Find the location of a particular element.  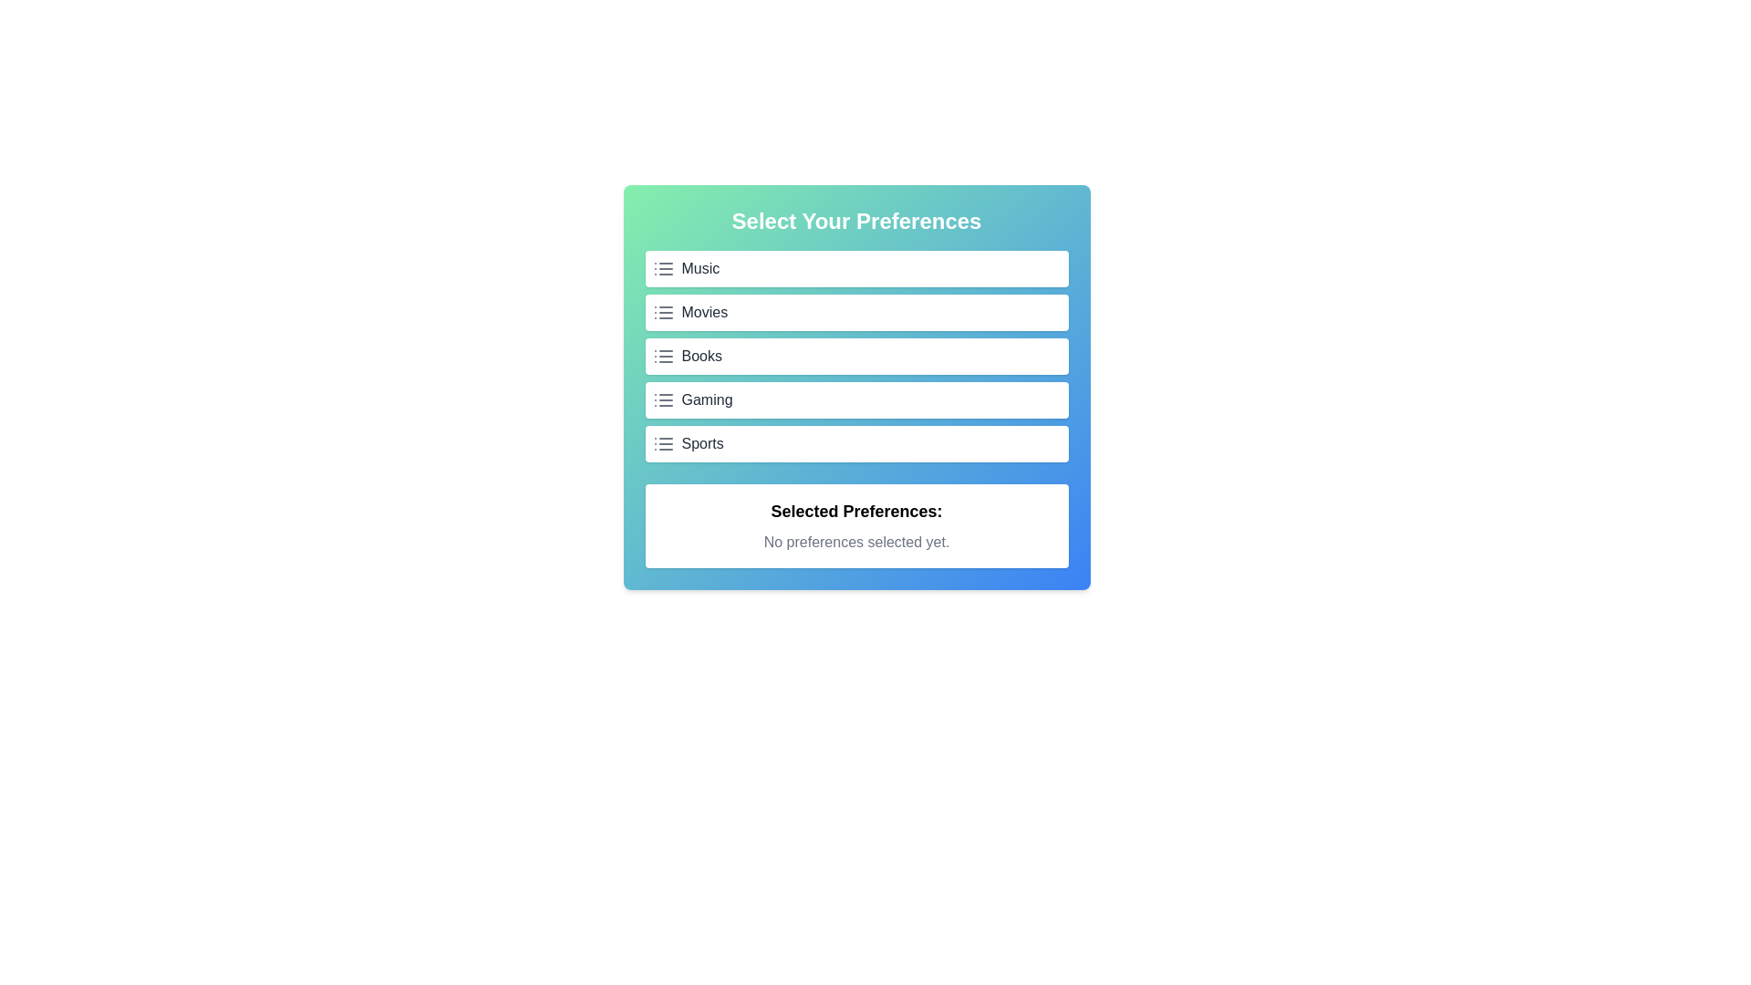

the list icon represented by three horizontal lines in gray color, located in the third row corresponding to the 'Books' category, to the left of the text 'Books' is located at coordinates (662, 356).